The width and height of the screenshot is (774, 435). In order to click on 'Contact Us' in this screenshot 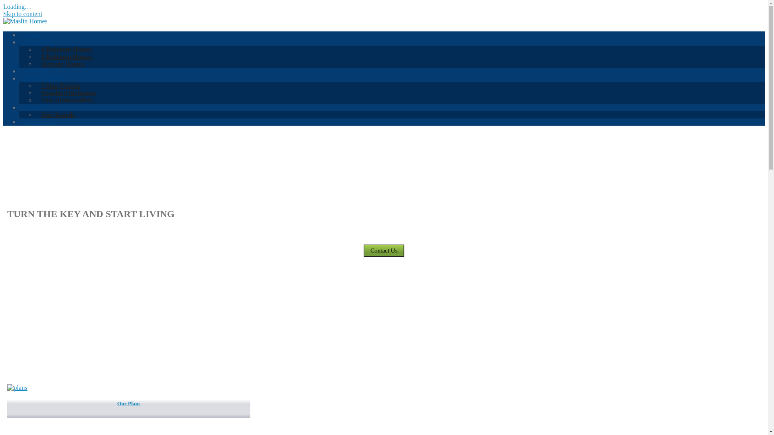, I will do `click(383, 250)`.